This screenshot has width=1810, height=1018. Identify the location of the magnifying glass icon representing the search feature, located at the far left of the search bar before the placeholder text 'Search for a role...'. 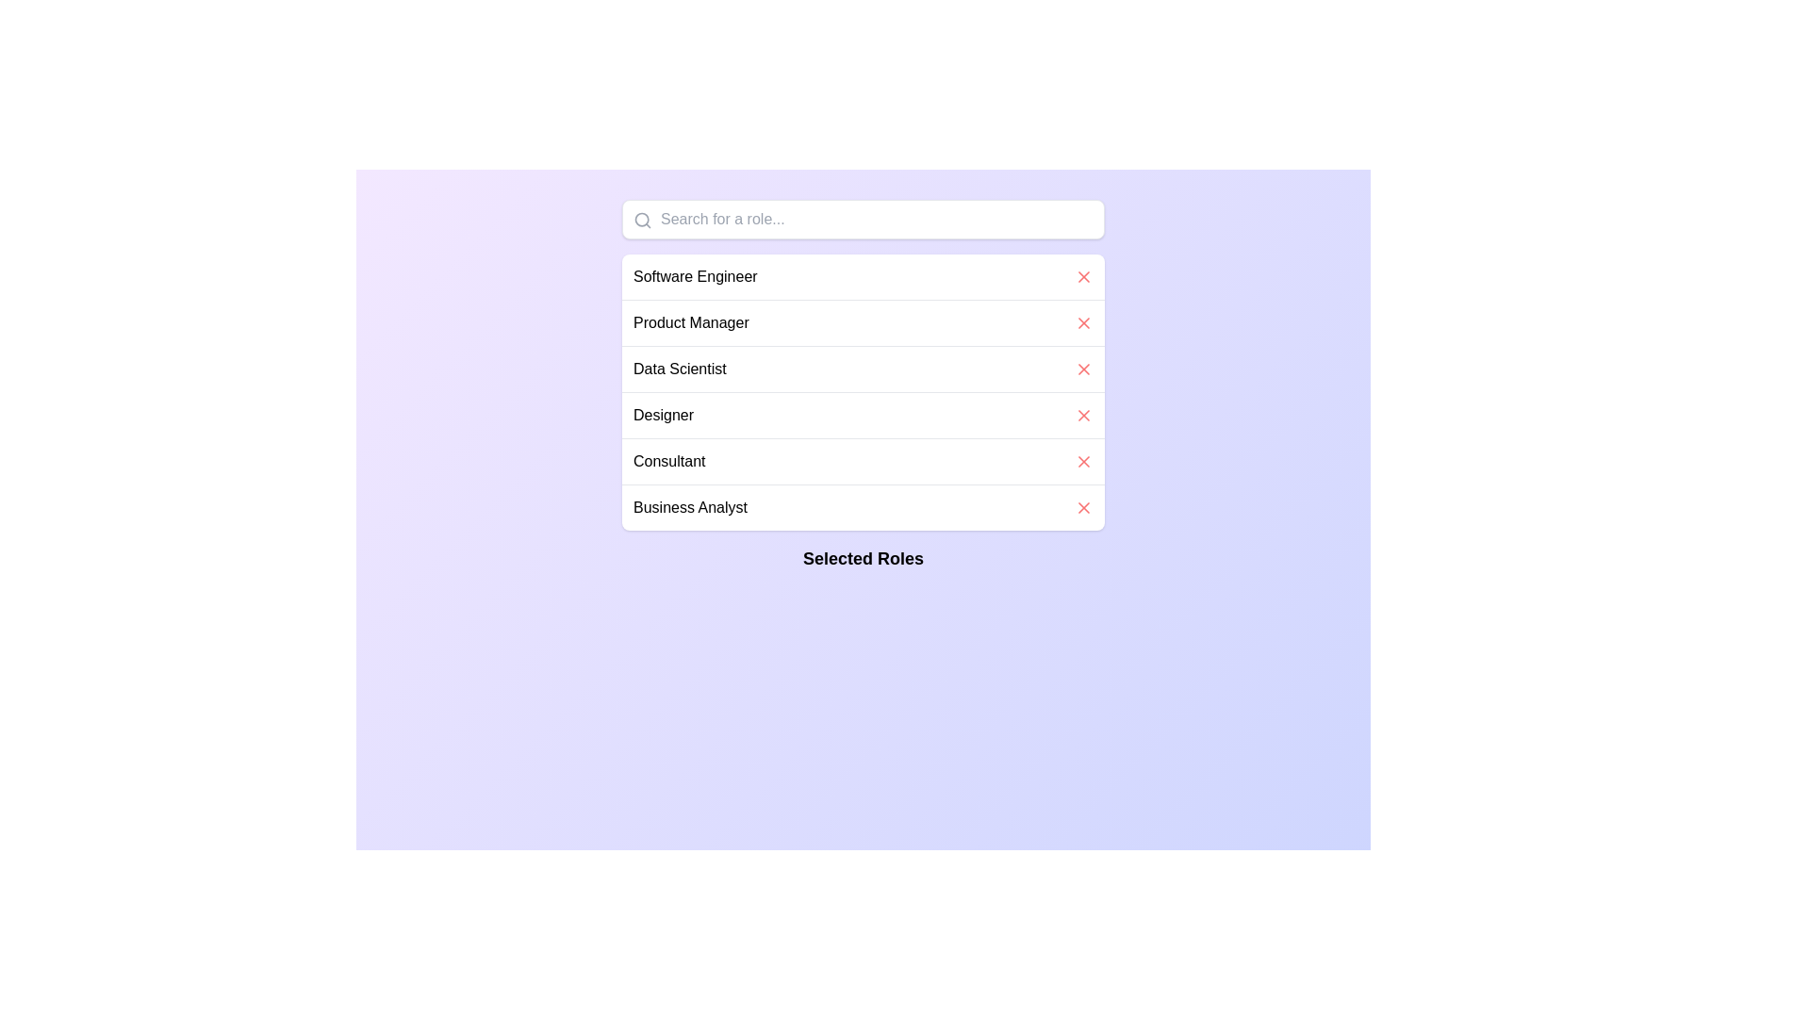
(642, 220).